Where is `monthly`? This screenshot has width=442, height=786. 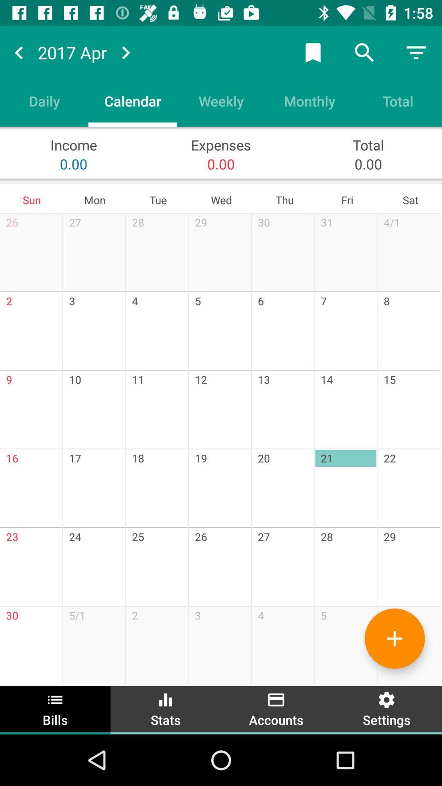
monthly is located at coordinates (309, 100).